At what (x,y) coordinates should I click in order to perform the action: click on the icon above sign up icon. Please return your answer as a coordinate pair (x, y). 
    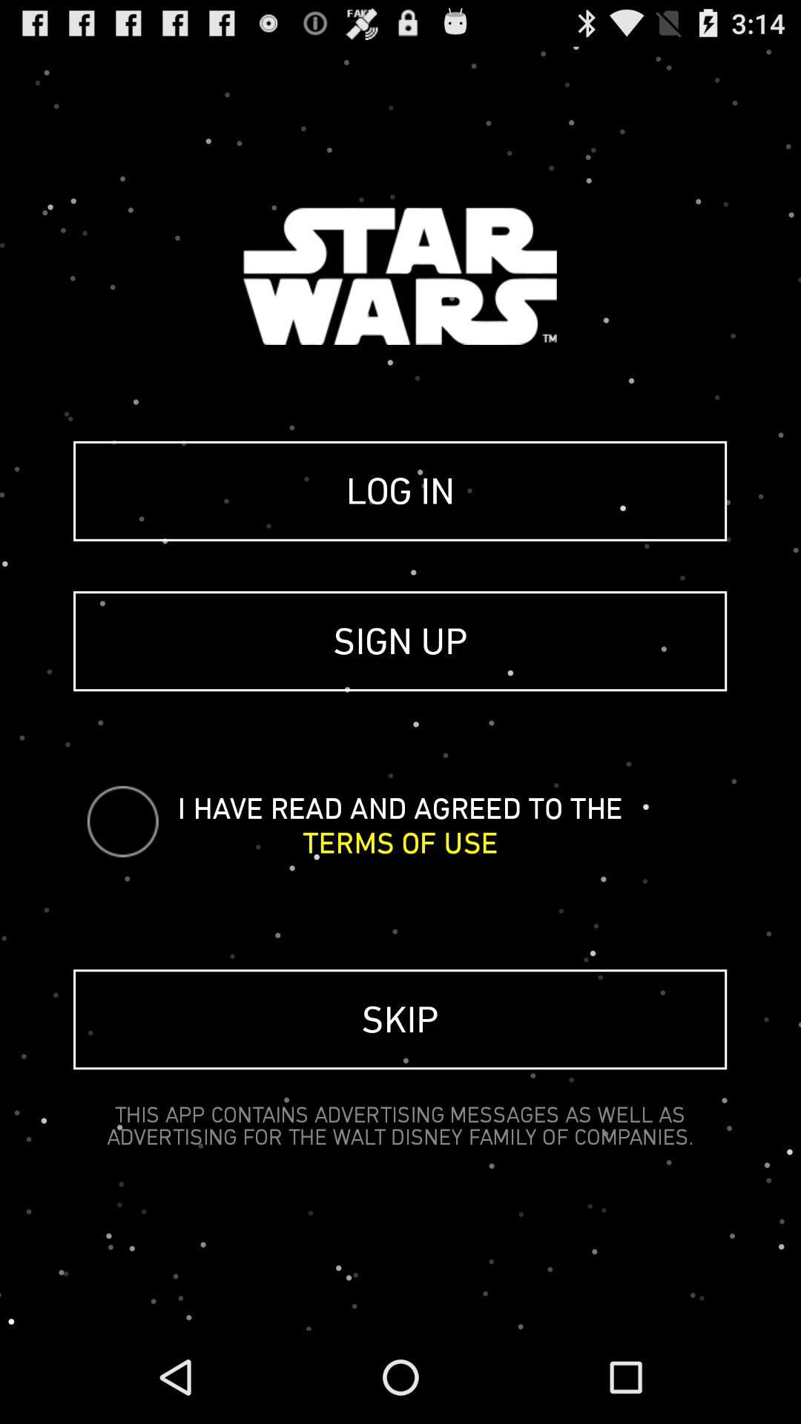
    Looking at the image, I should click on (399, 491).